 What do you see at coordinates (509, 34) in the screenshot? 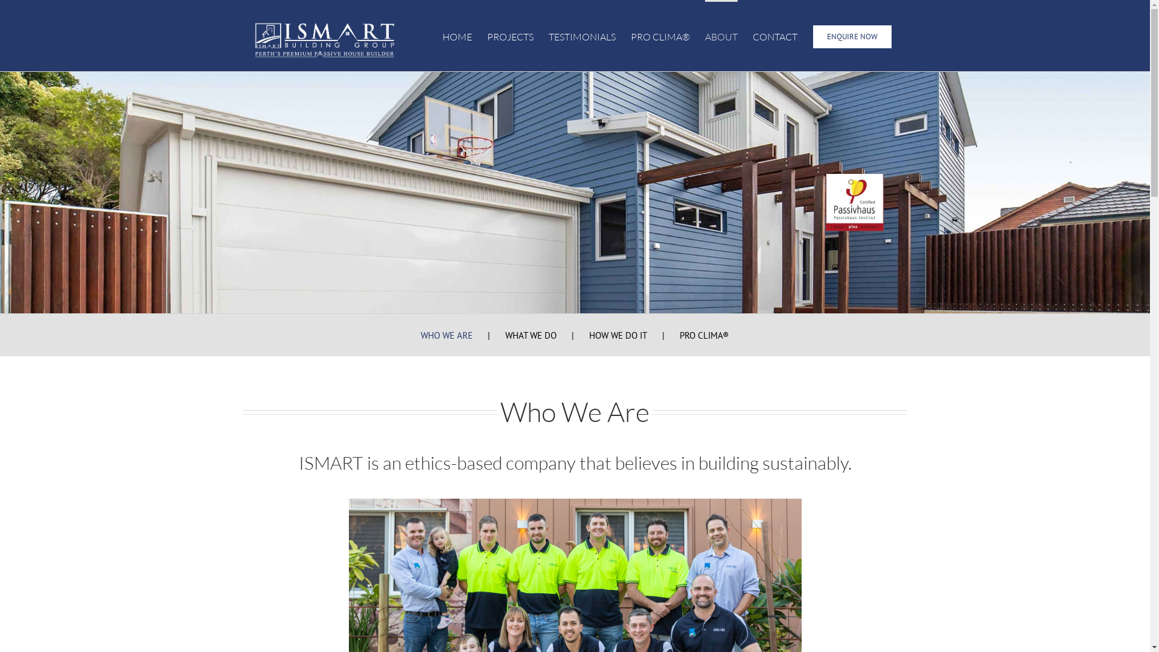
I see `'PROJECTS'` at bounding box center [509, 34].